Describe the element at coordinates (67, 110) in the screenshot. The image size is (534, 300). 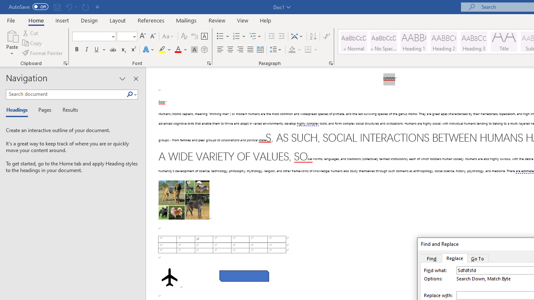
I see `'Results'` at that location.